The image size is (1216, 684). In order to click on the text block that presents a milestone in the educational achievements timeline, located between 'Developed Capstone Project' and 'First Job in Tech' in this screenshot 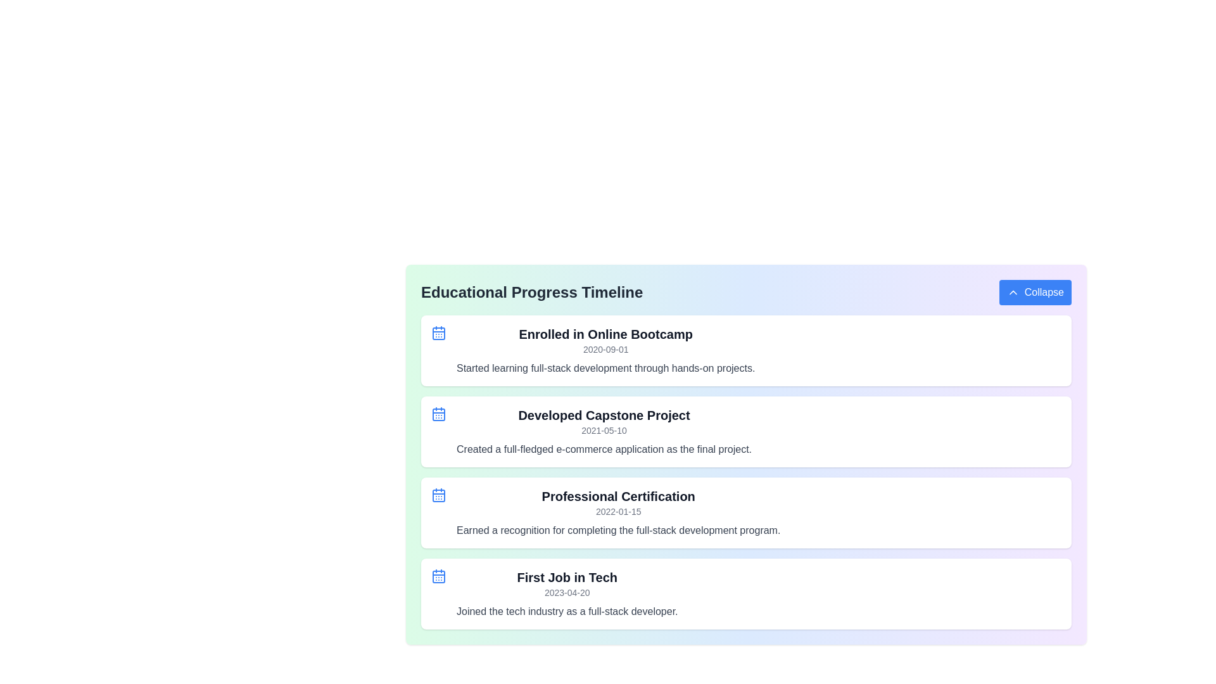, I will do `click(618, 513)`.